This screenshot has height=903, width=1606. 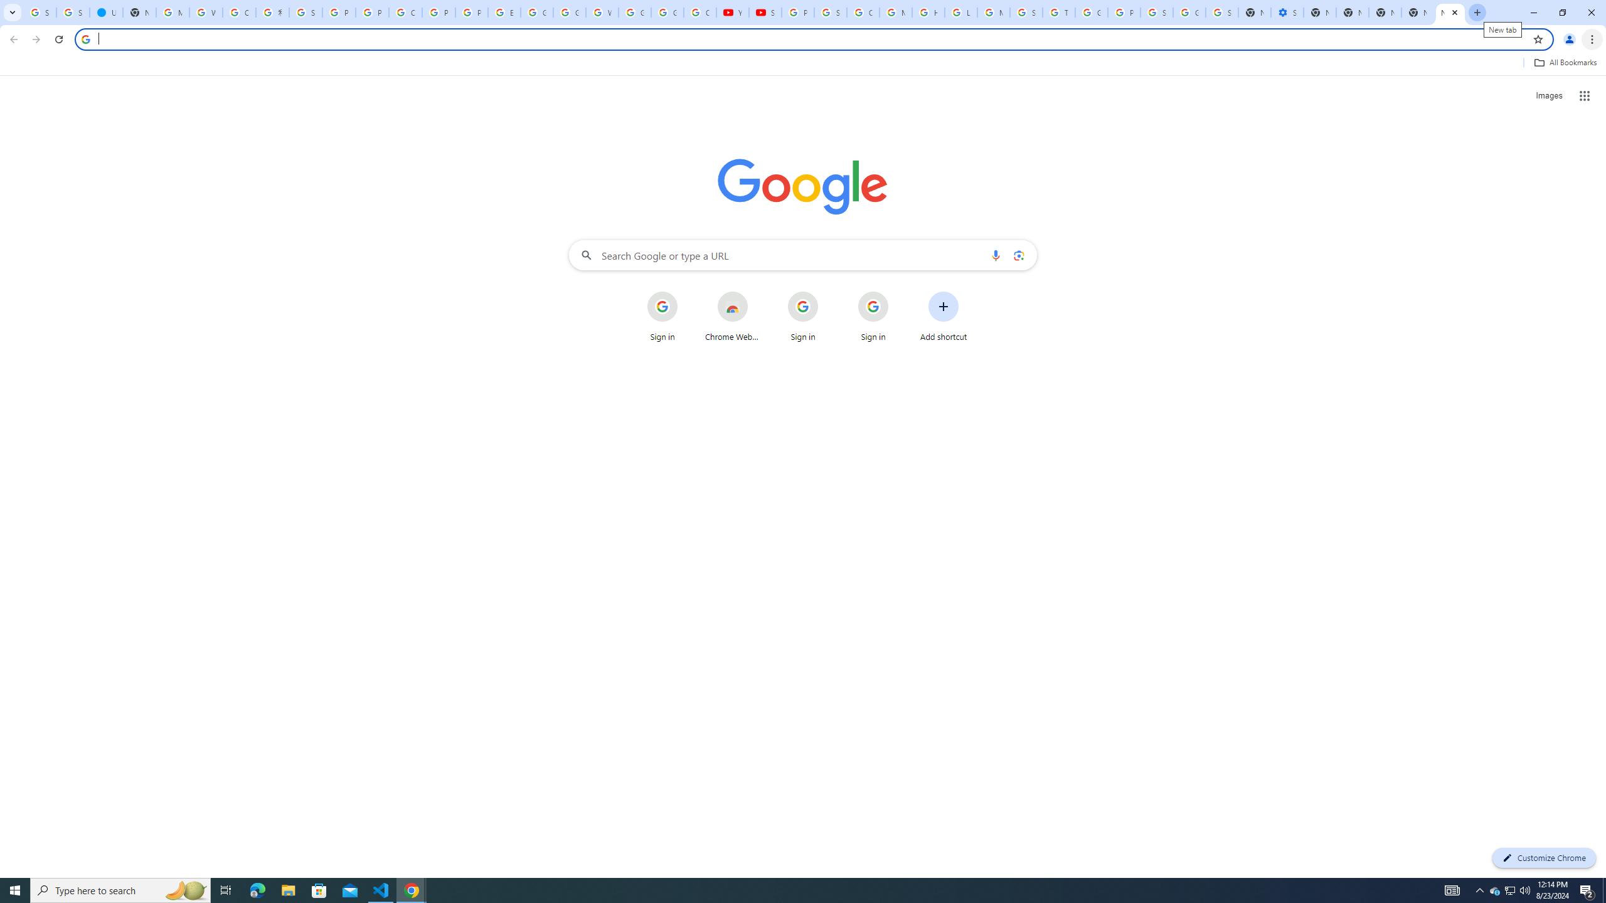 What do you see at coordinates (1058, 12) in the screenshot?
I see `'Trusted Information and Content - Google Safety Center'` at bounding box center [1058, 12].